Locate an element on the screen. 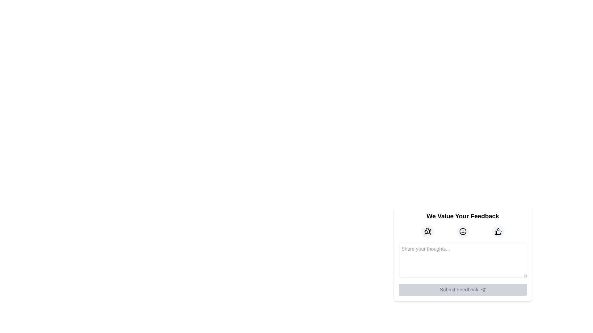 The image size is (593, 333). the feedback submission button located at the bottom of the feedback submission card is located at coordinates (463, 290).